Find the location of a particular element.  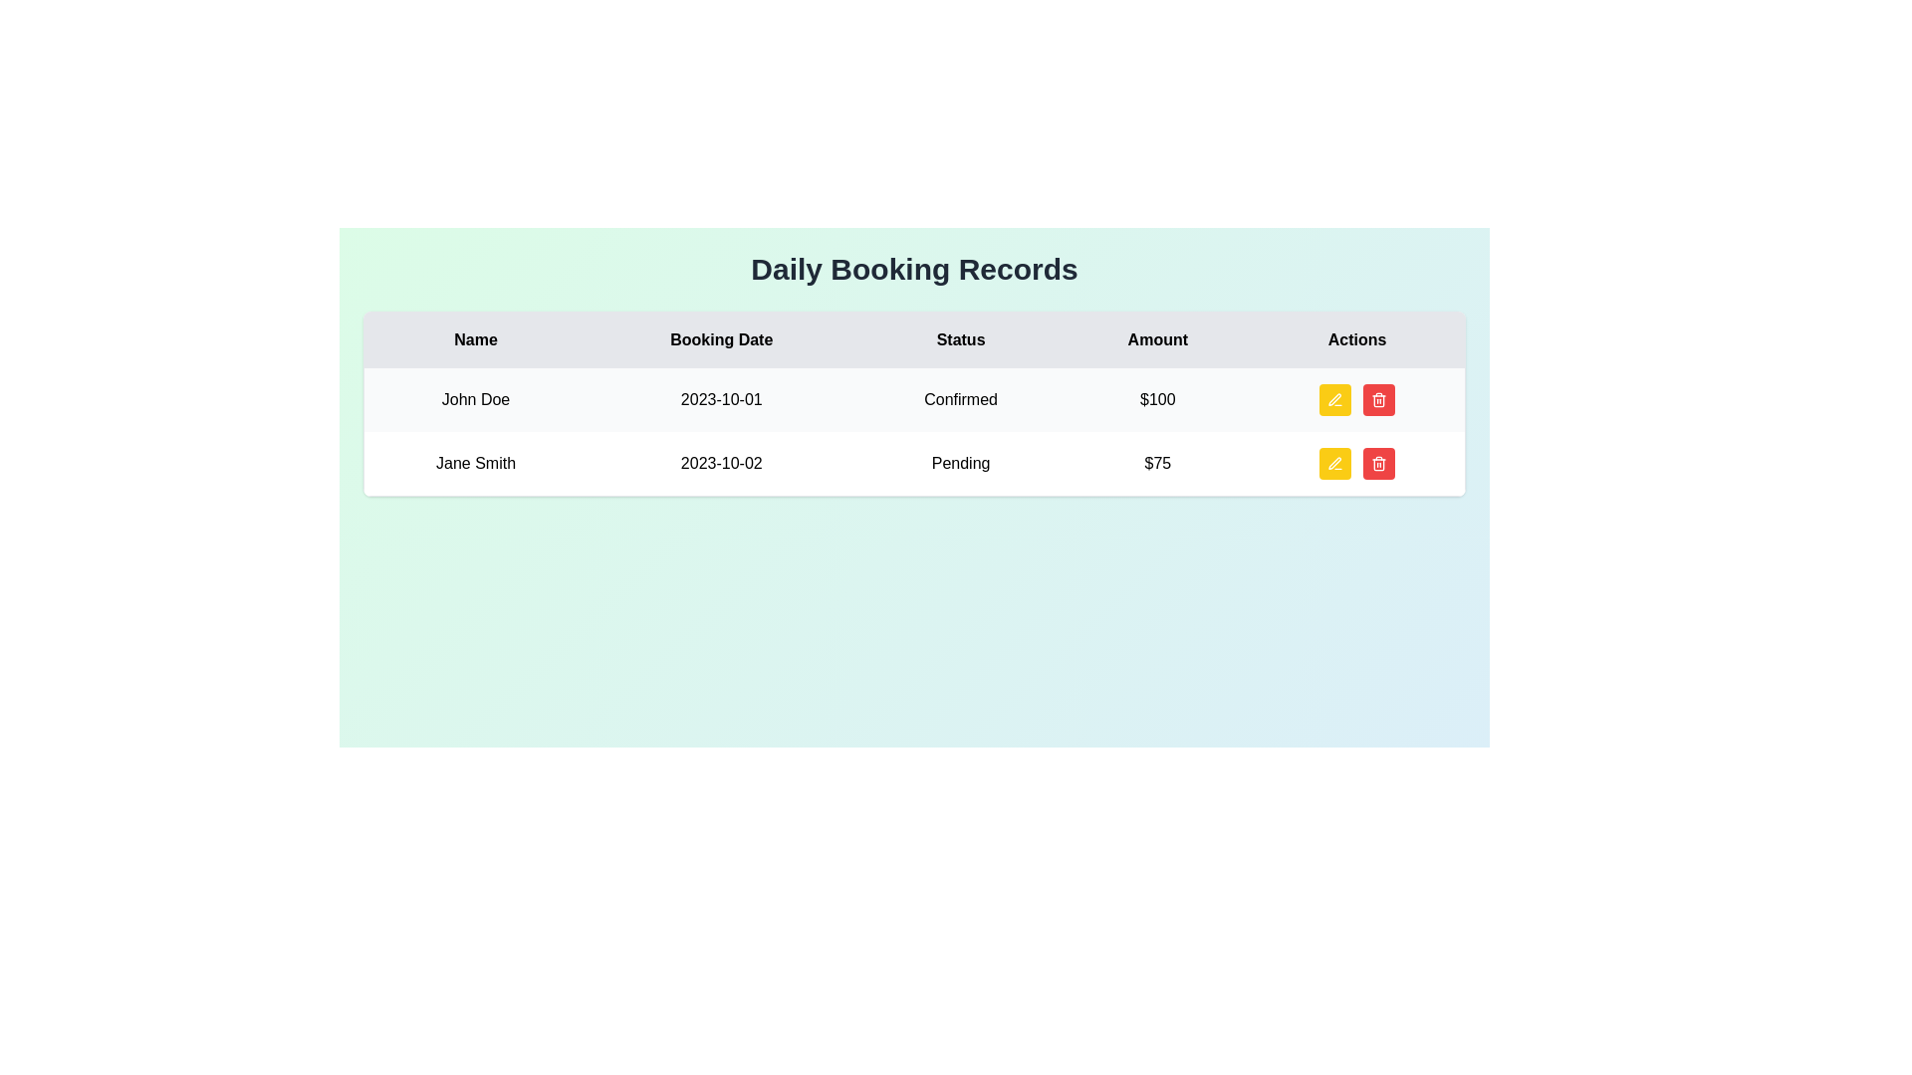

the delete button located in the 'Actions' column of the second row of the table is located at coordinates (1378, 399).